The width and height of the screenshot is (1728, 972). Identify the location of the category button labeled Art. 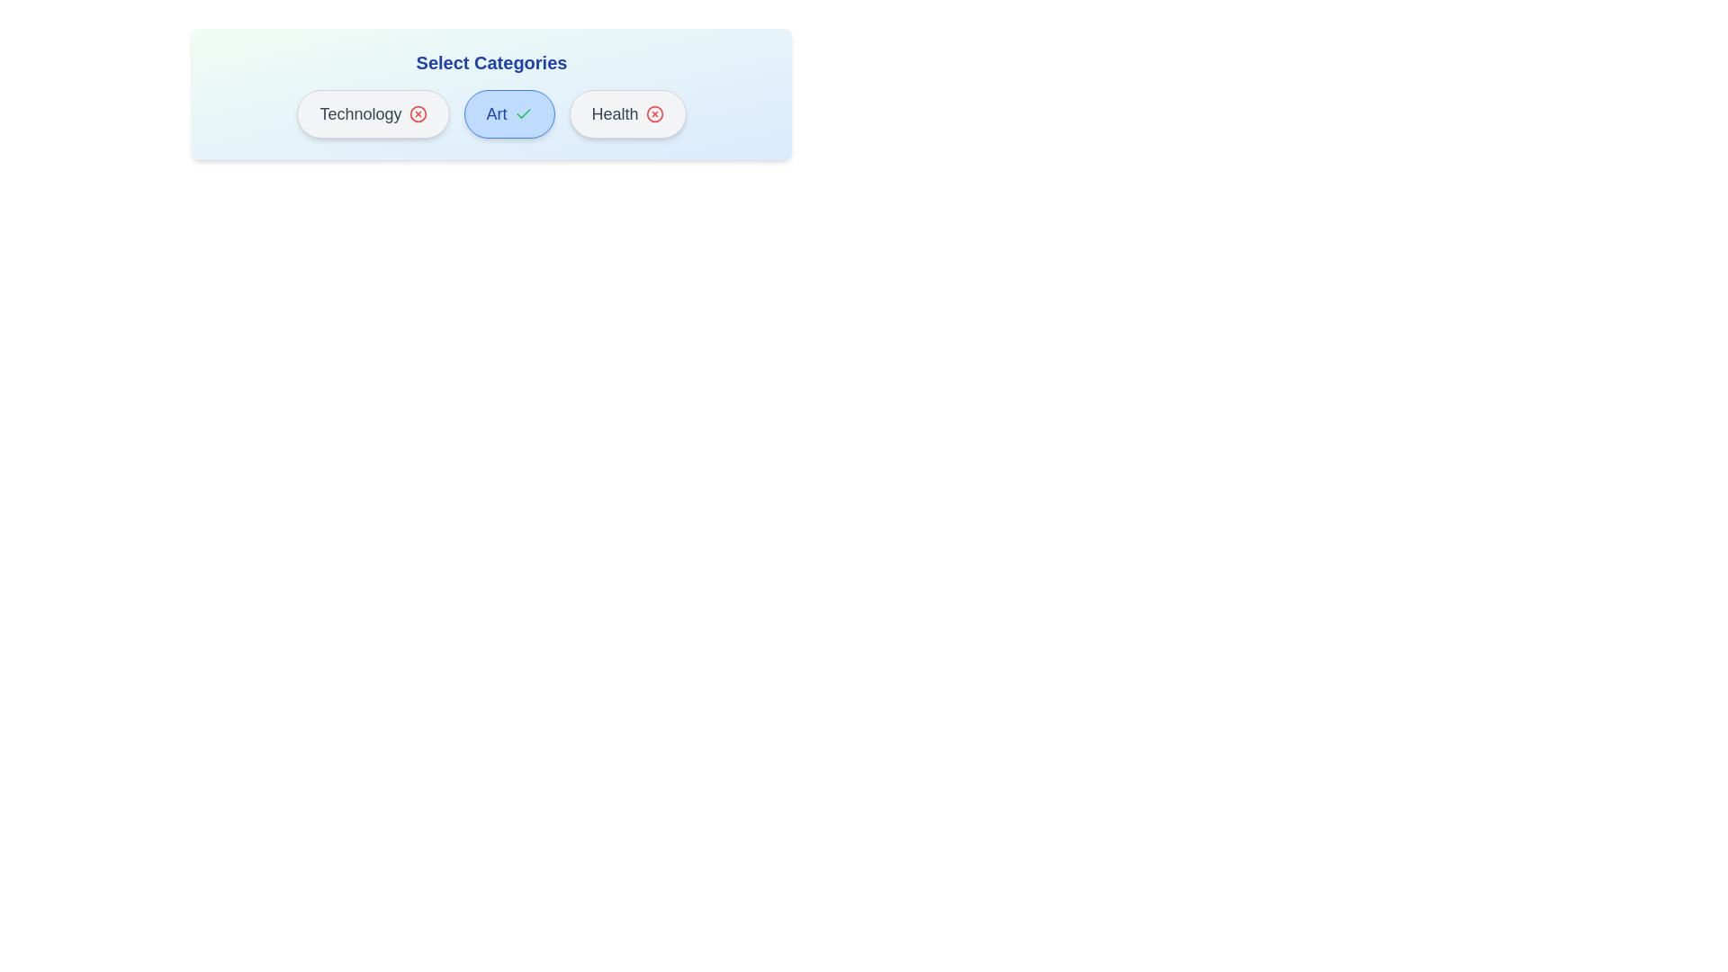
(508, 114).